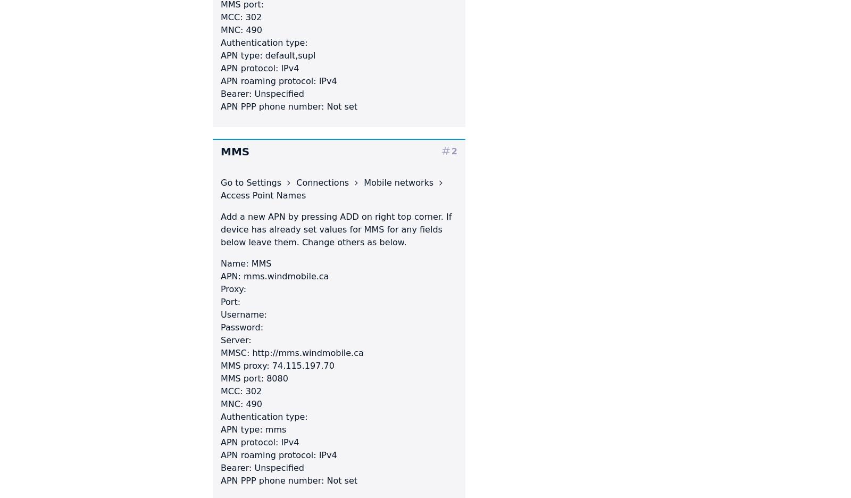  Describe the element at coordinates (306, 352) in the screenshot. I see `'http://mms.windmobile.ca'` at that location.